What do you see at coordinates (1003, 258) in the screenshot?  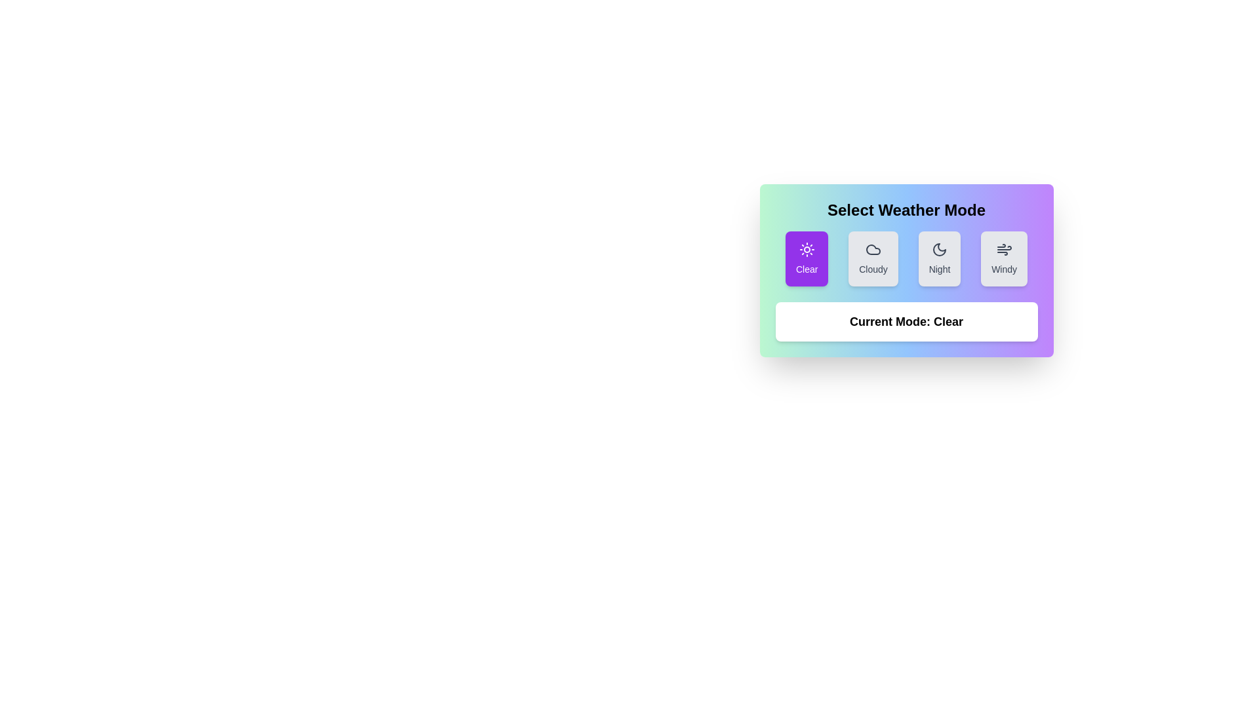 I see `the 'Windy' button, which is a rectangular button with rounded corners, featuring an icon of wind gusts and the label 'Windy' below it` at bounding box center [1003, 258].